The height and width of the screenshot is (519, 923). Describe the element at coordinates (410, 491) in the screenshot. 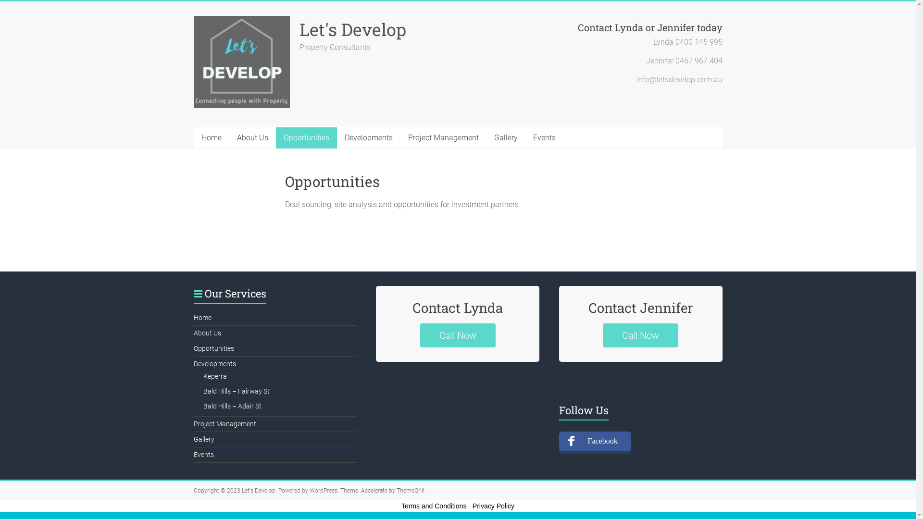

I see `'ThemeGrill'` at that location.